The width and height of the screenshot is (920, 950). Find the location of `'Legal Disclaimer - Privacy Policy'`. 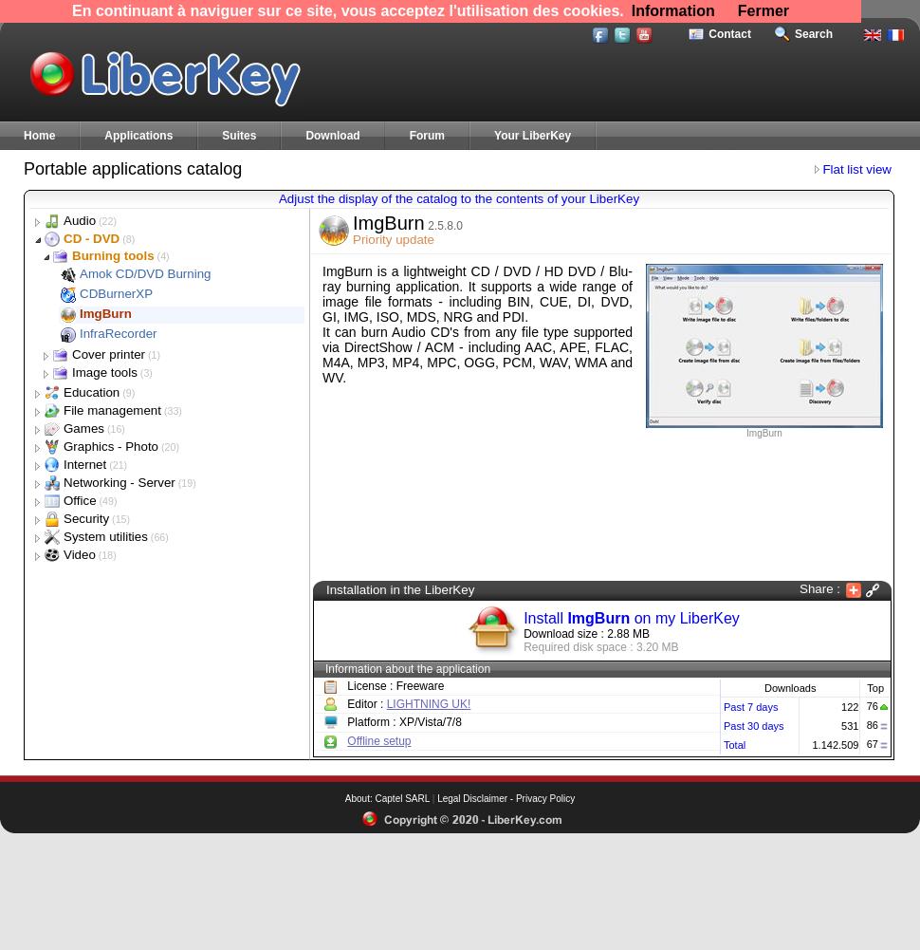

'Legal Disclaimer - Privacy Policy' is located at coordinates (506, 797).